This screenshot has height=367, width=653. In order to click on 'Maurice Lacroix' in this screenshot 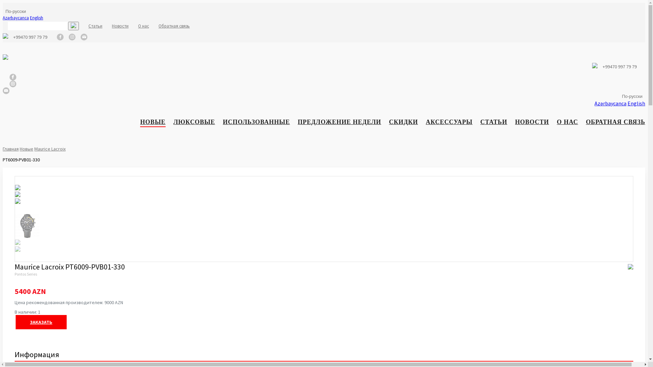, I will do `click(50, 148)`.